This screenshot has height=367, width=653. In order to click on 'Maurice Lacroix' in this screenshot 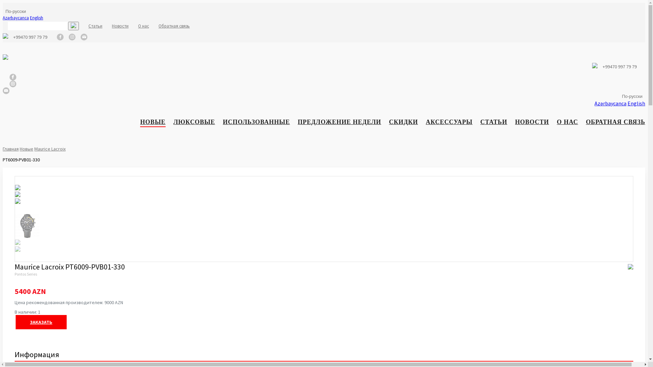, I will do `click(50, 148)`.